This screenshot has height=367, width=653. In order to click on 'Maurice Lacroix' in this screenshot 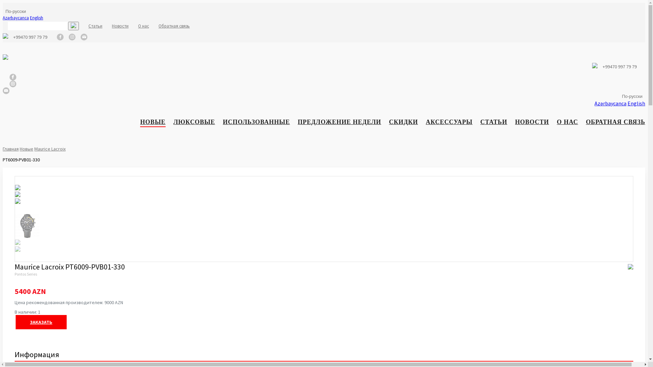, I will do `click(50, 148)`.